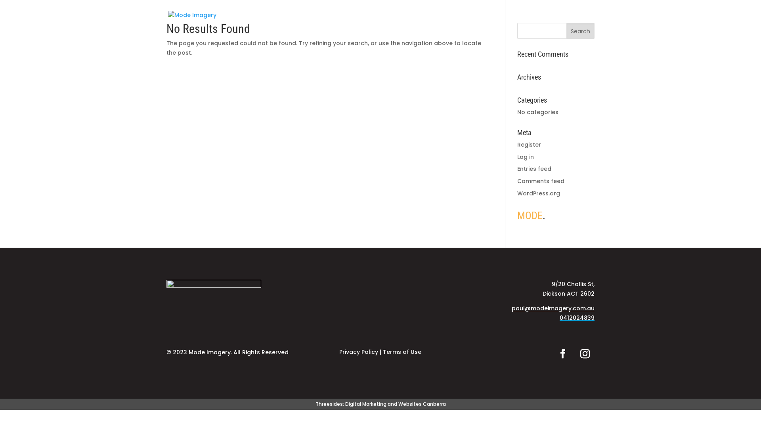  What do you see at coordinates (517, 157) in the screenshot?
I see `'Log in'` at bounding box center [517, 157].